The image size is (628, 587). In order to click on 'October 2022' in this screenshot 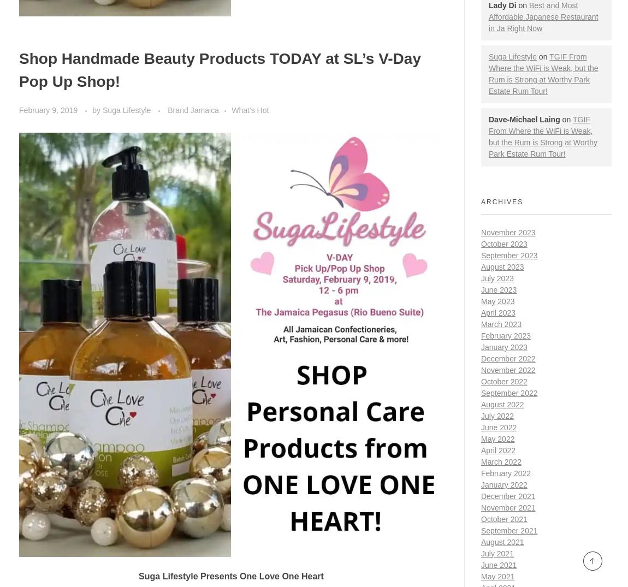, I will do `click(503, 380)`.